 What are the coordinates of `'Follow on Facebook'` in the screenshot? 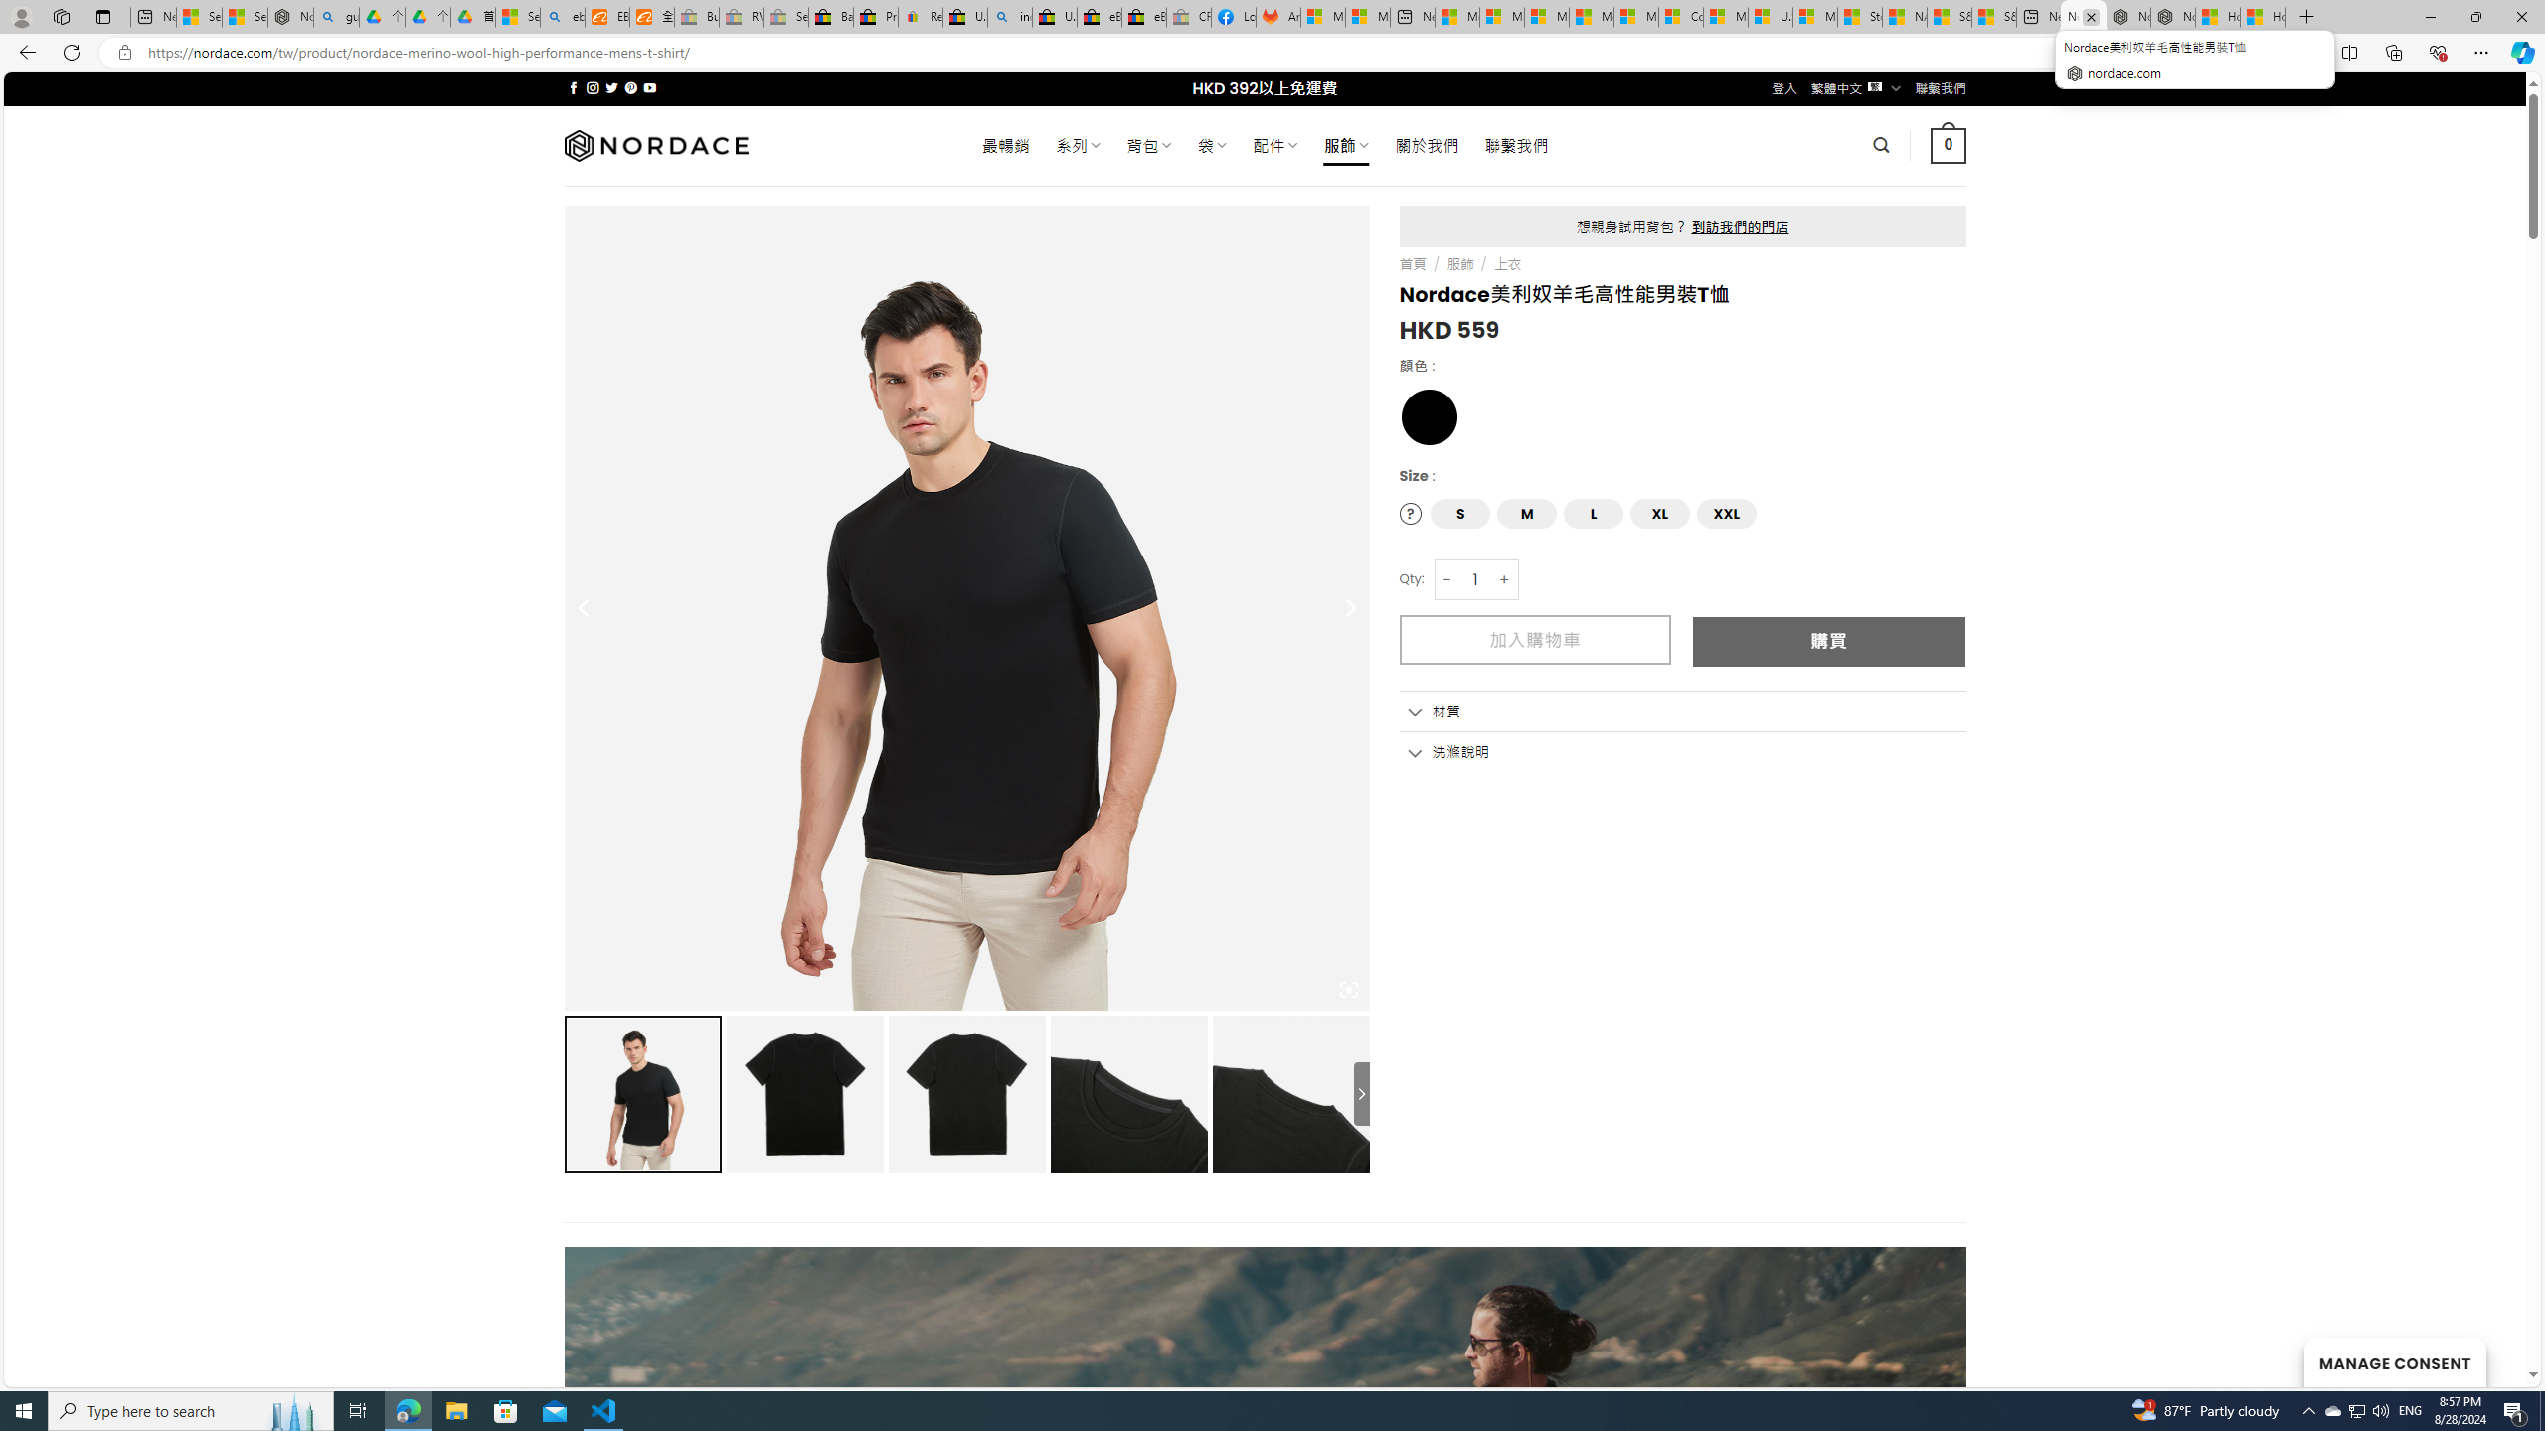 It's located at (573, 87).